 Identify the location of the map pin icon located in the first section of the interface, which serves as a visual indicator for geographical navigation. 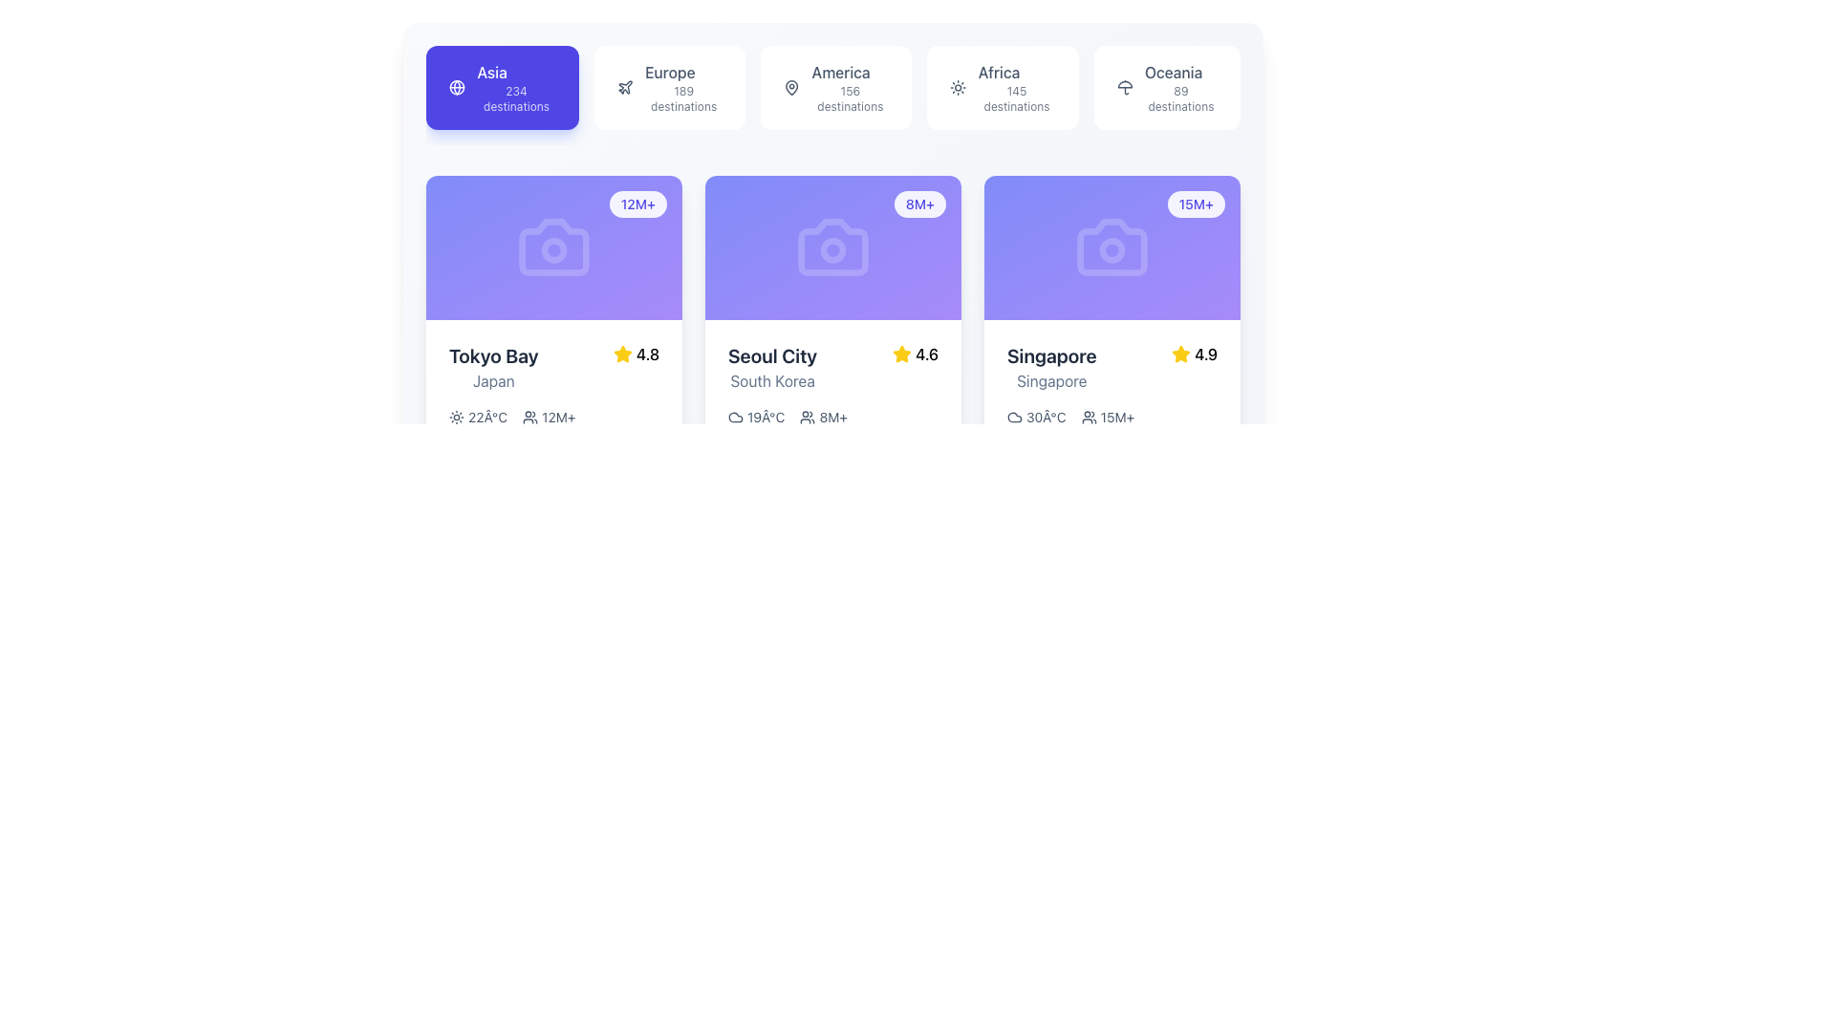
(791, 88).